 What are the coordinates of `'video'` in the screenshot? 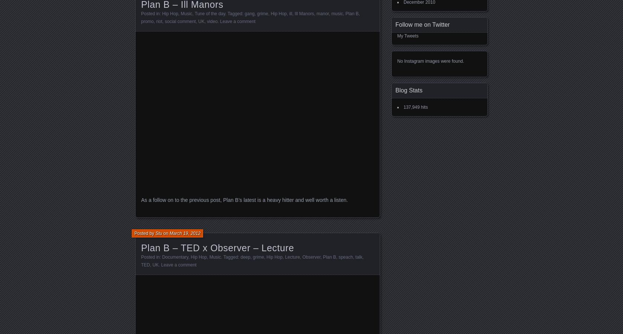 It's located at (206, 21).